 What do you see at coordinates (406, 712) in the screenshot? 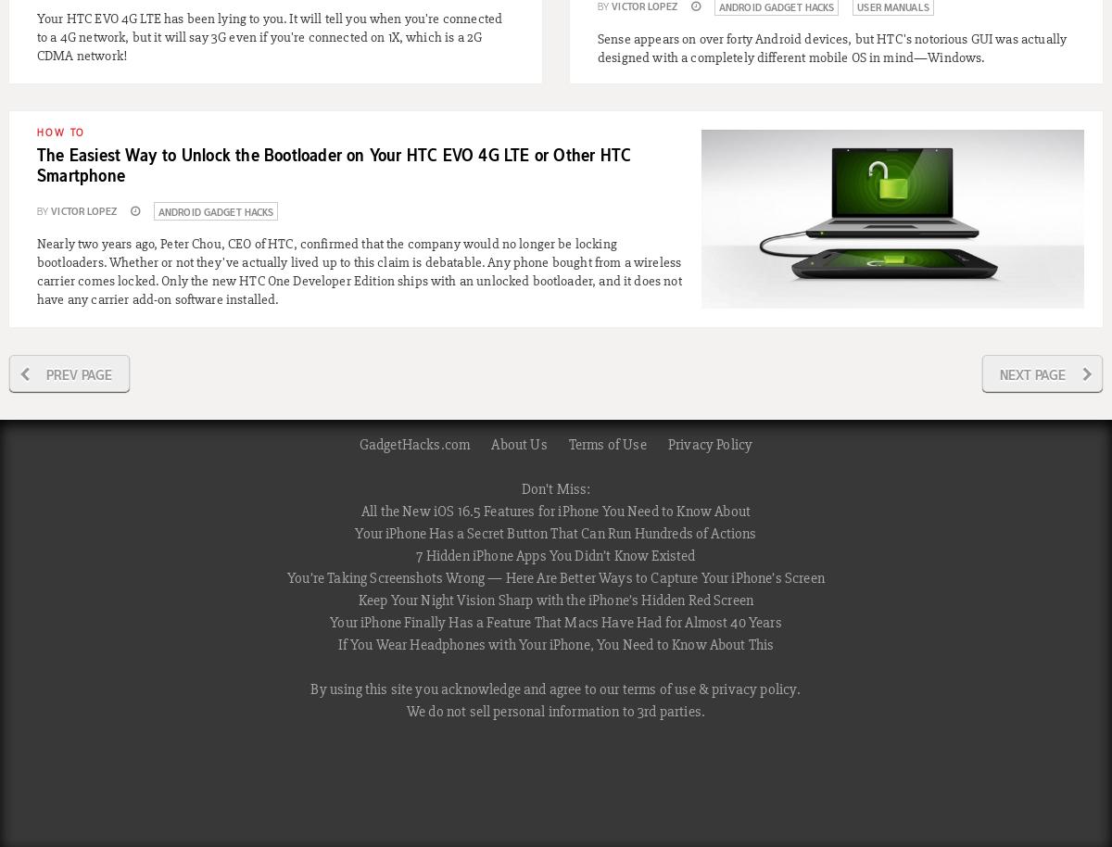
I see `'We do not sell personal information to 3rd parties.'` at bounding box center [406, 712].